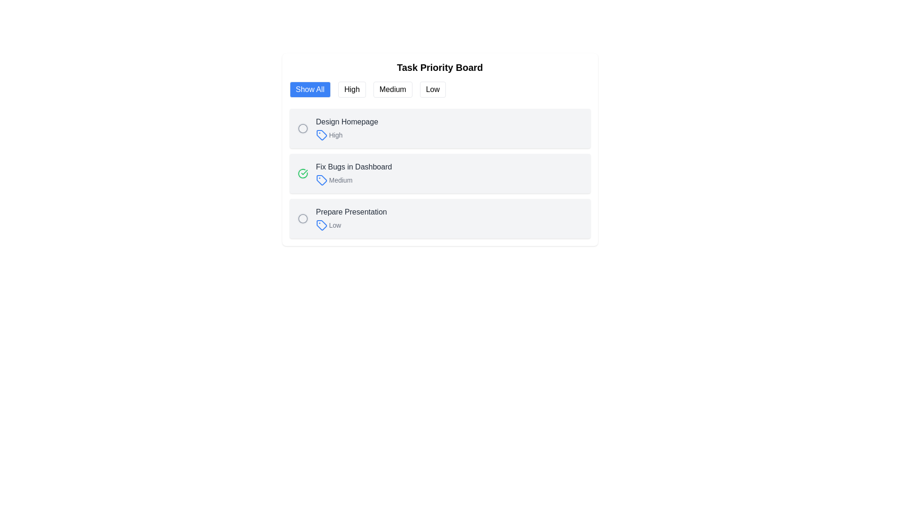 The height and width of the screenshot is (507, 902). I want to click on the filter button that displays all items regardless of their priority, located at the top-left corner under the 'Task Priority Board' title, so click(310, 90).